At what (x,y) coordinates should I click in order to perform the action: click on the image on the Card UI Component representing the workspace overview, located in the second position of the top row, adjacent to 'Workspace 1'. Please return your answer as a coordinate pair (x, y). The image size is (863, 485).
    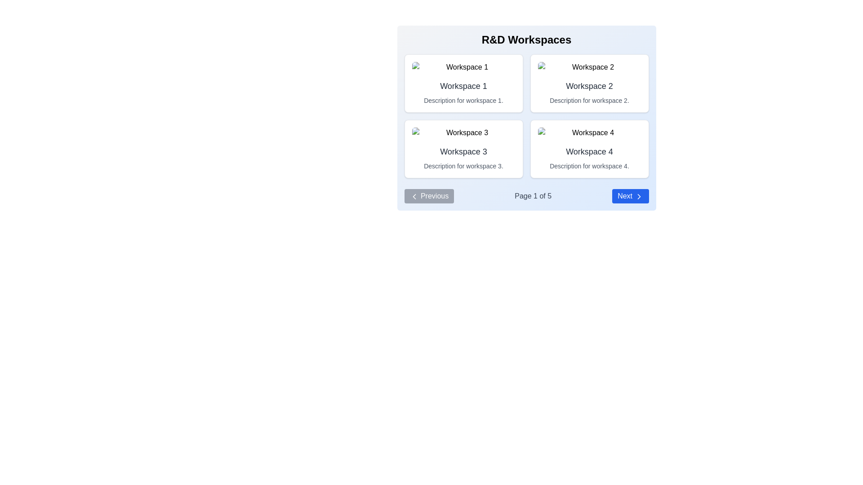
    Looking at the image, I should click on (589, 83).